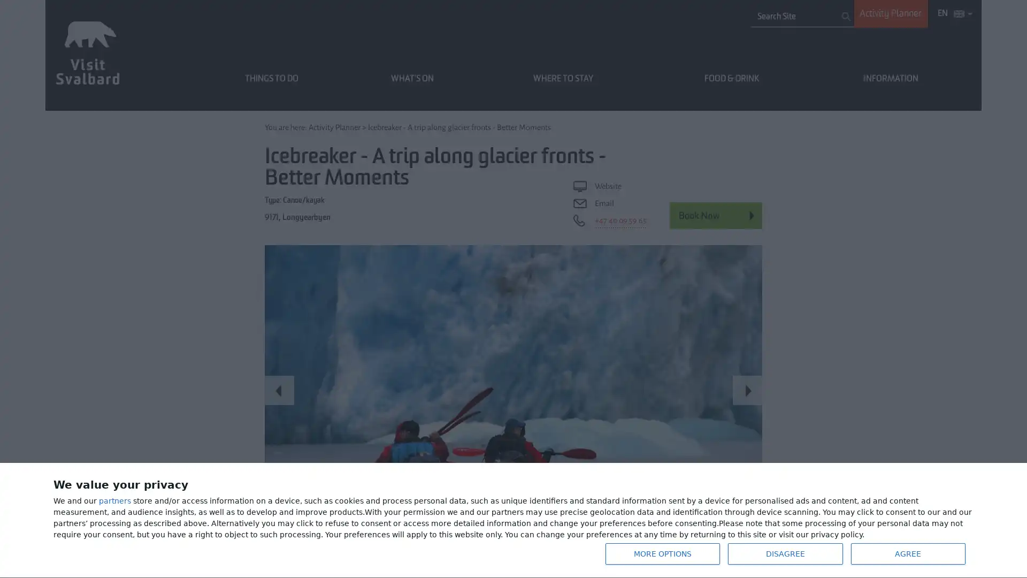  What do you see at coordinates (846, 16) in the screenshot?
I see `submit` at bounding box center [846, 16].